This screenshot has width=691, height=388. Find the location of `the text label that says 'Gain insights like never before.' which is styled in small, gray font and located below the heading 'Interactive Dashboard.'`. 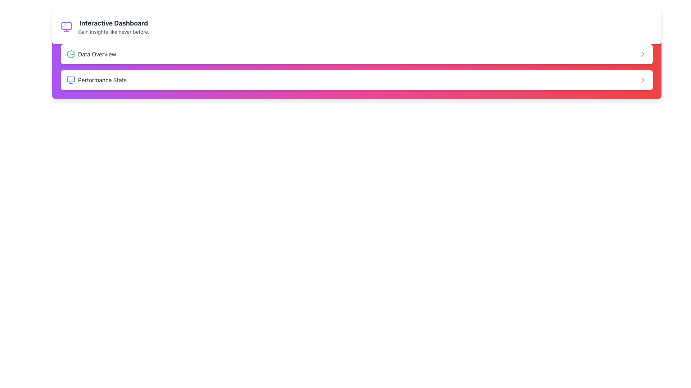

the text label that says 'Gain insights like never before.' which is styled in small, gray font and located below the heading 'Interactive Dashboard.' is located at coordinates (113, 31).